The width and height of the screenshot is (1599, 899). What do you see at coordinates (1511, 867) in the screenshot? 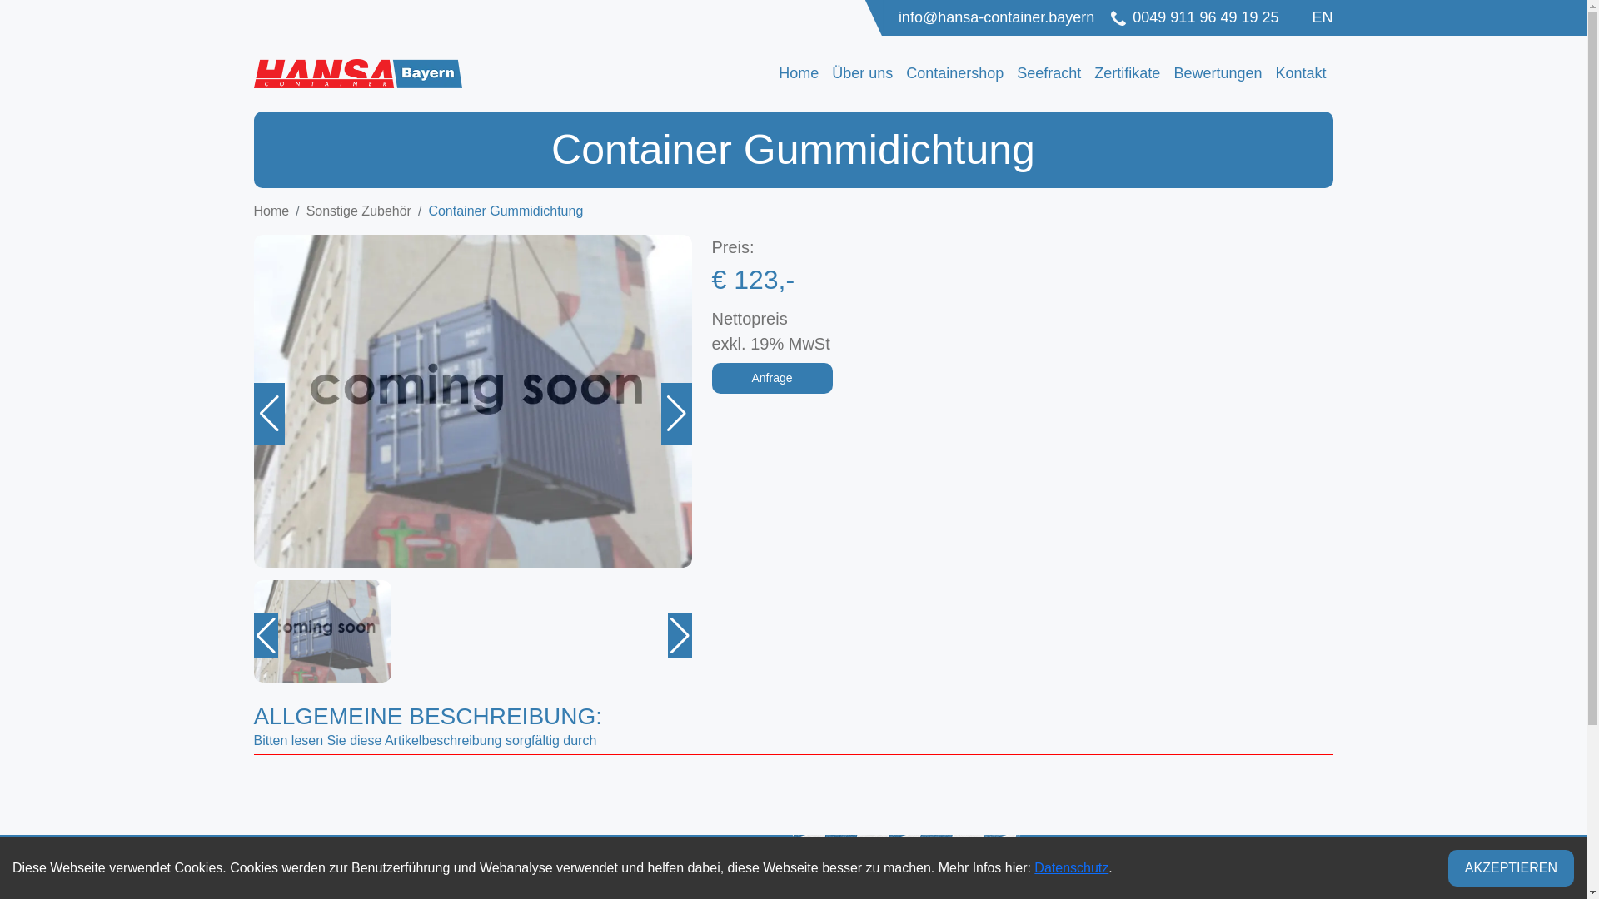
I see `'AKZEPTIEREN'` at bounding box center [1511, 867].